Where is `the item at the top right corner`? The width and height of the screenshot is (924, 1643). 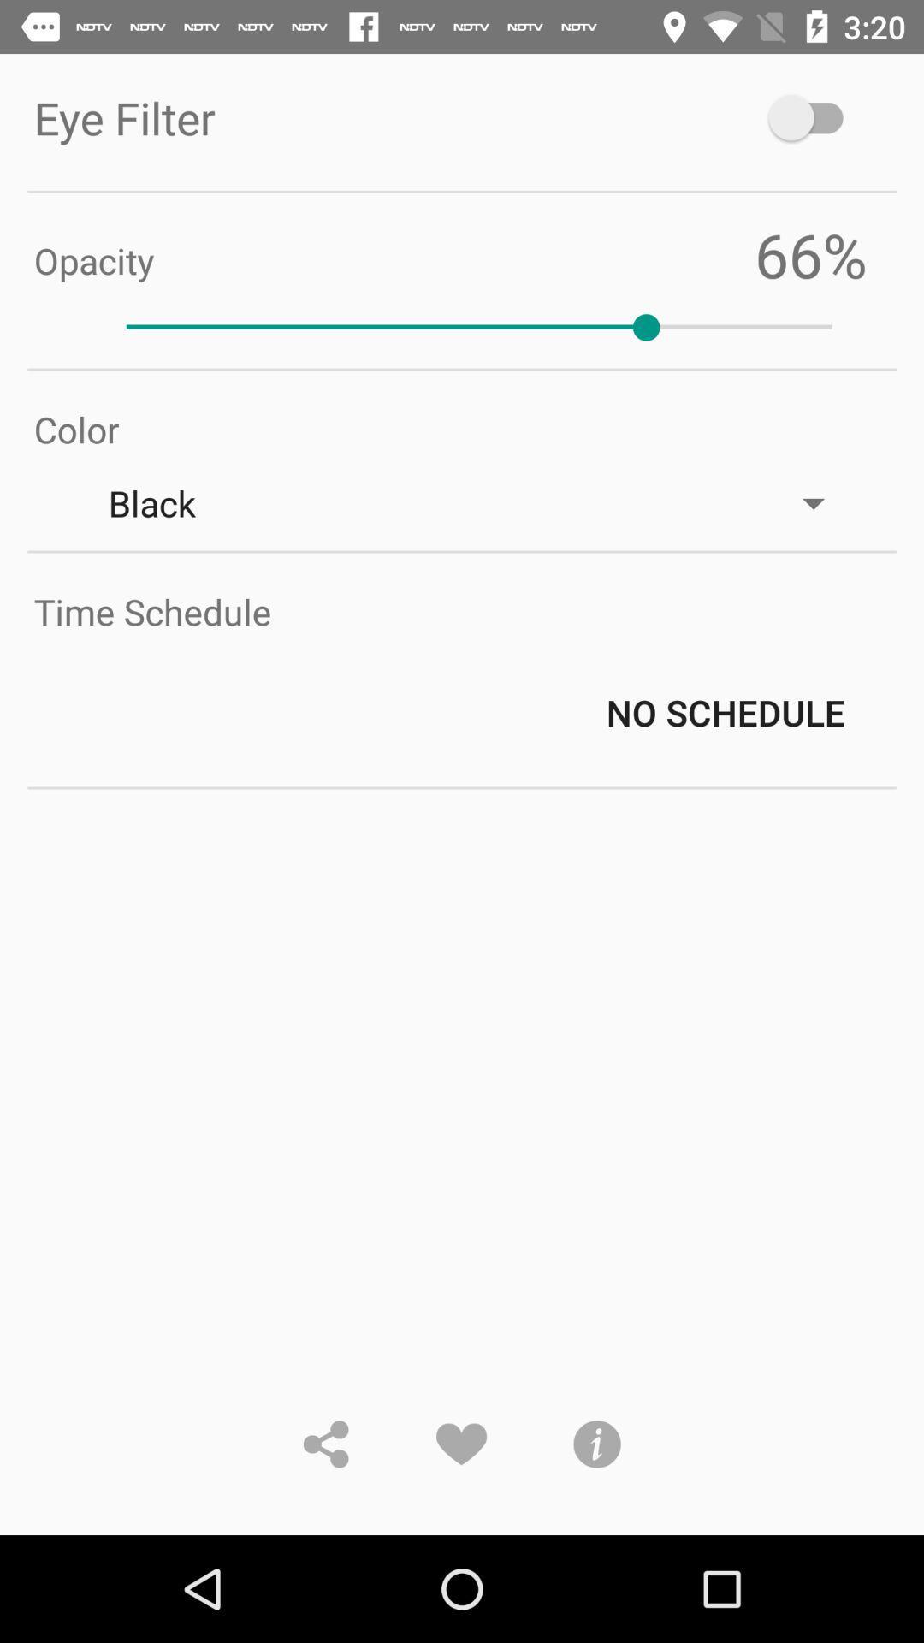 the item at the top right corner is located at coordinates (813, 116).